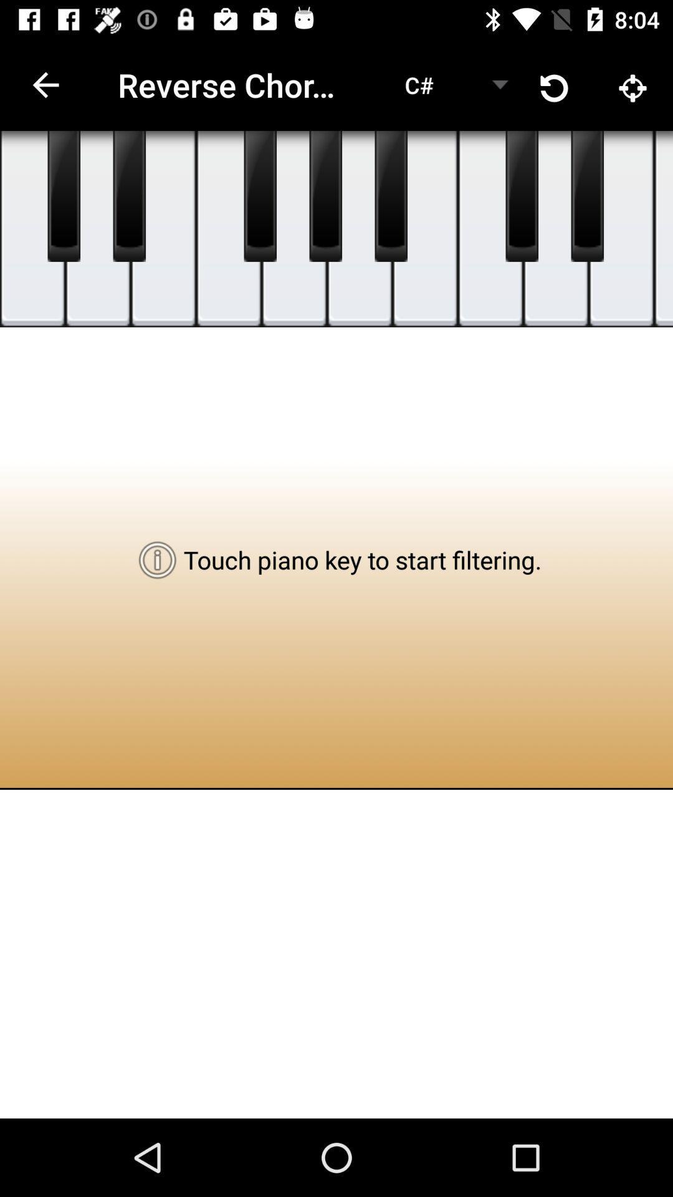 This screenshot has height=1197, width=673. What do you see at coordinates (325, 196) in the screenshot?
I see `the key` at bounding box center [325, 196].